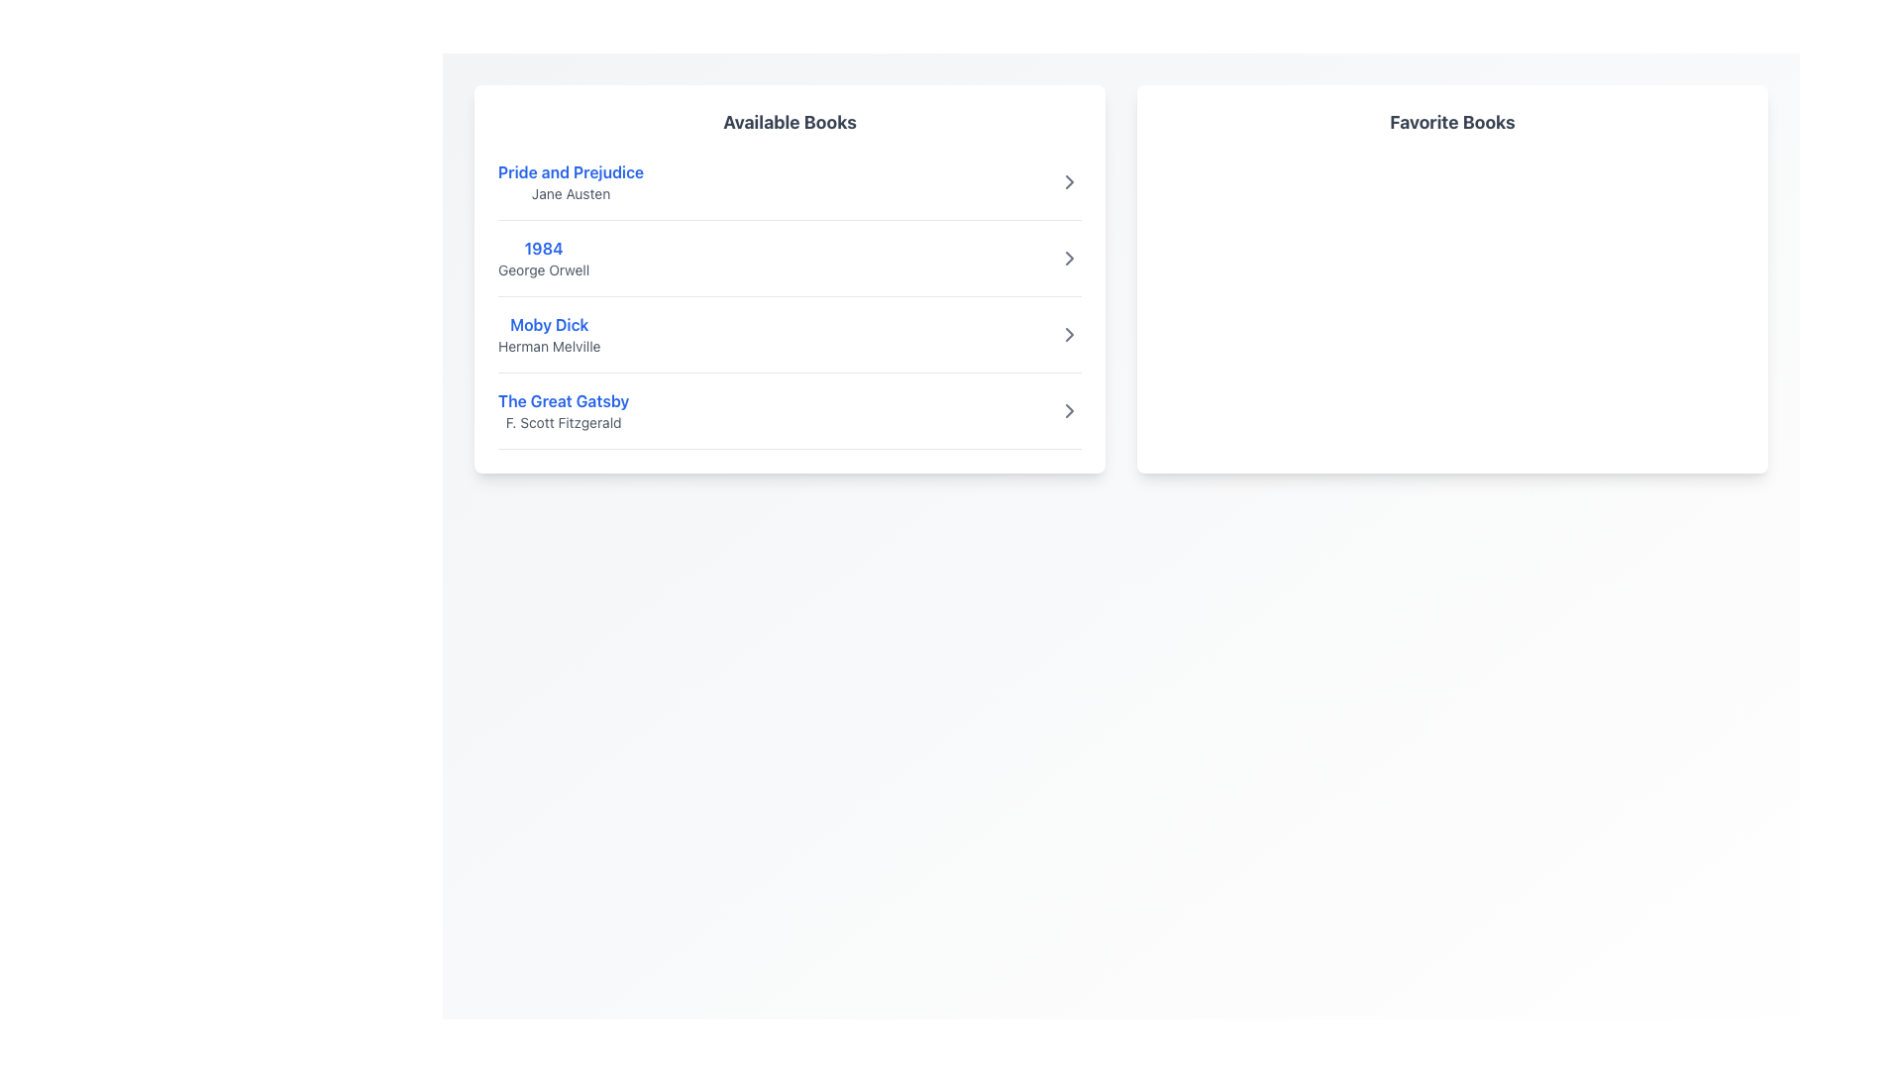 The width and height of the screenshot is (1902, 1070). Describe the element at coordinates (563, 410) in the screenshot. I see `the text label displaying 'The Great Gatsby' by F. Scott Fitzgerald, located in the 'Available Books' section as the fourth item in the list` at that location.